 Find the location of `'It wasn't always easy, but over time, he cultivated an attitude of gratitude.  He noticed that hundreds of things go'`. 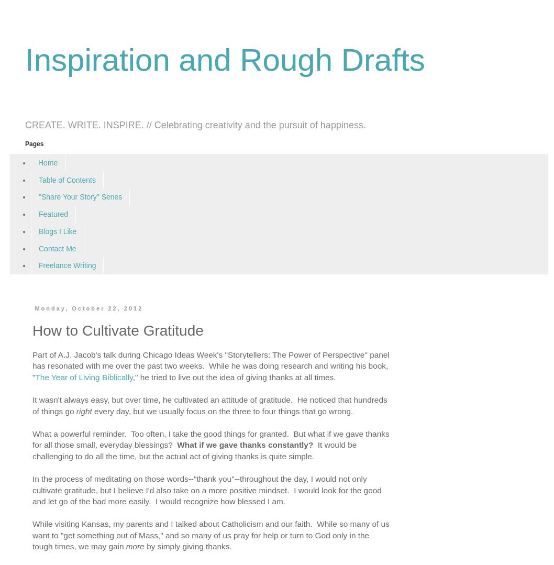

'It wasn't always easy, but over time, he cultivated an attitude of gratitude.  He noticed that hundreds of things go' is located at coordinates (209, 405).